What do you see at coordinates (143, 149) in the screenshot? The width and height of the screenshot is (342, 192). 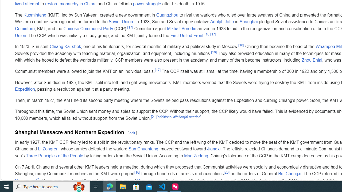 I see `'Sun Chuanfang'` at bounding box center [143, 149].